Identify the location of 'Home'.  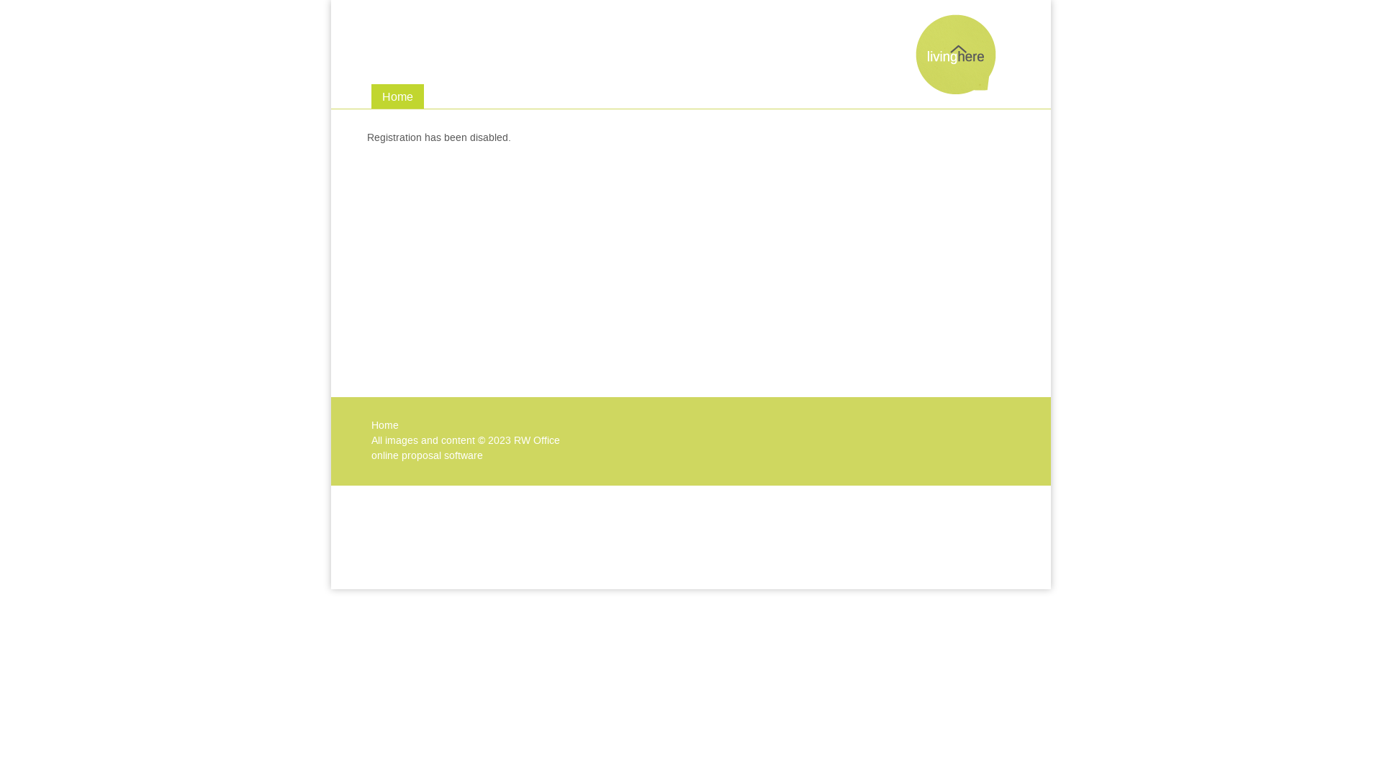
(384, 424).